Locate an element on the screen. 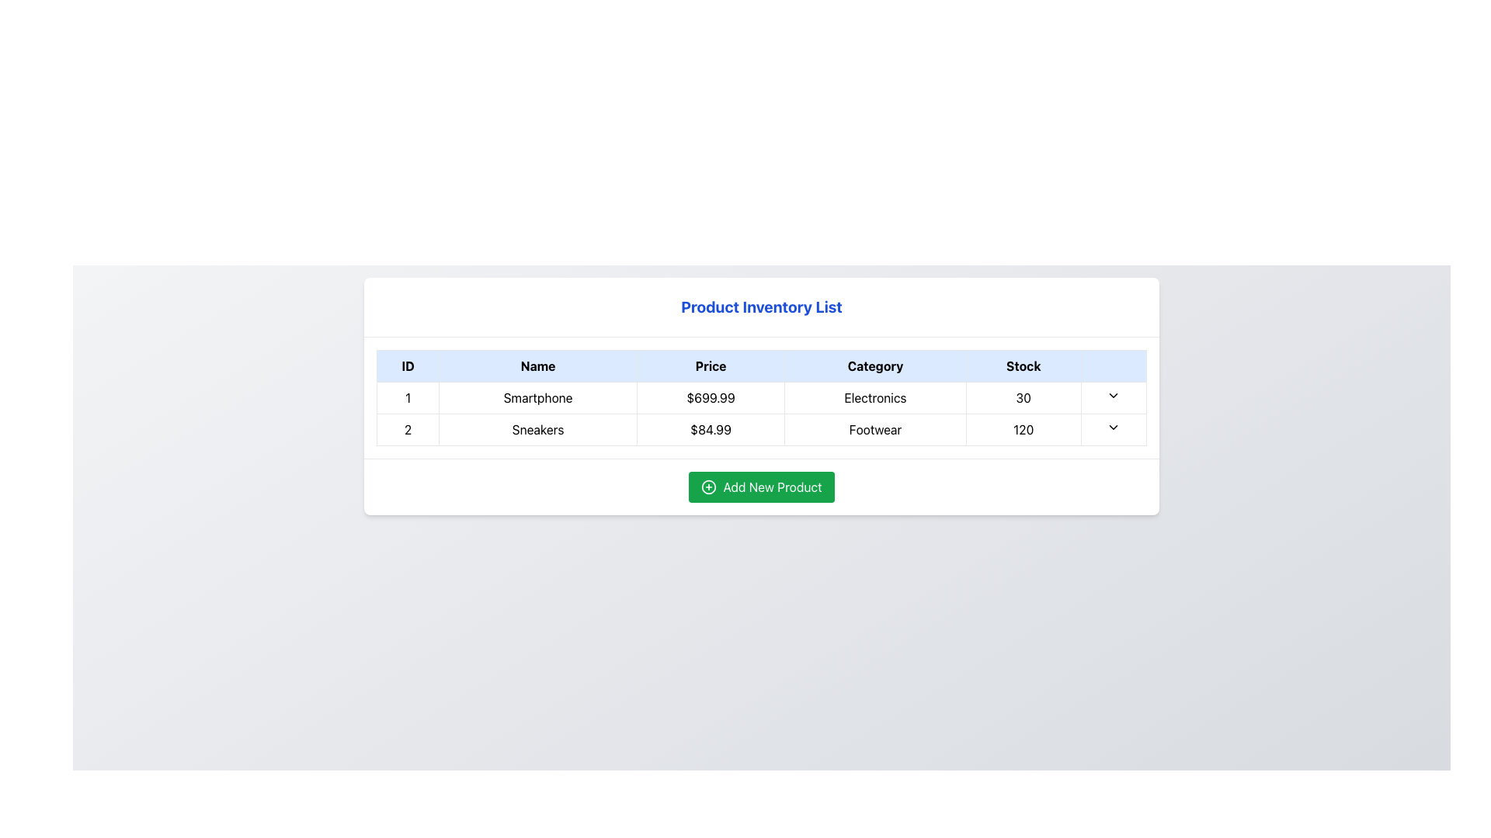  the 'Name' text label in the header row of the table is located at coordinates (538, 365).